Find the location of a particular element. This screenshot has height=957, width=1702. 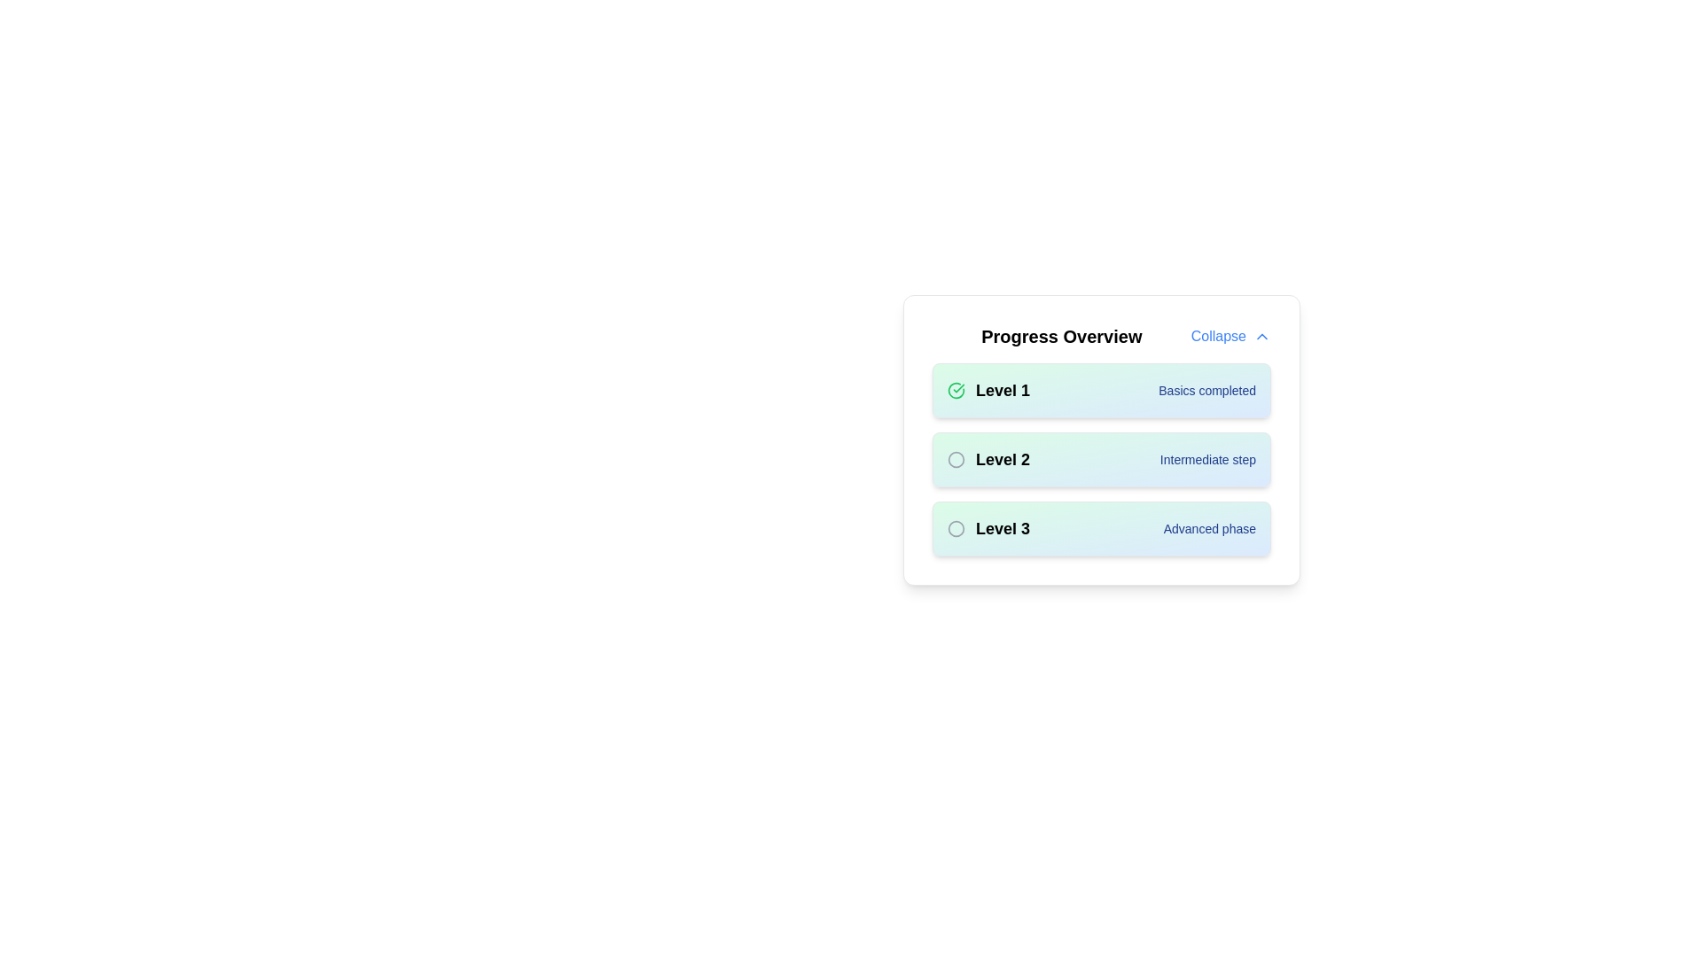

the green circular SVG icon indicating completion of the 'Level 1' progress item in the 'Progress Overview' section is located at coordinates (956, 389).